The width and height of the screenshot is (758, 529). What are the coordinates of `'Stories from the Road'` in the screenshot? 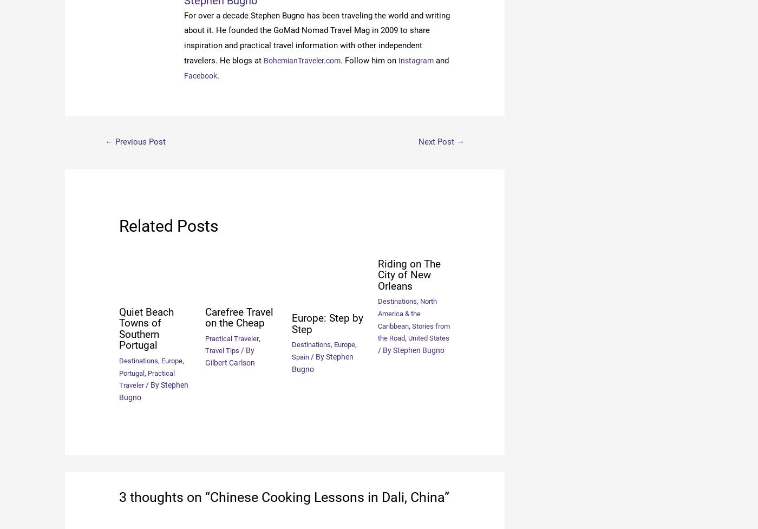 It's located at (407, 331).